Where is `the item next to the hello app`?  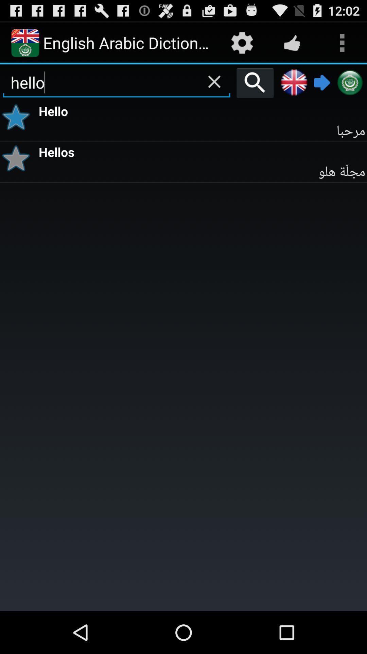
the item next to the hello app is located at coordinates (18, 117).